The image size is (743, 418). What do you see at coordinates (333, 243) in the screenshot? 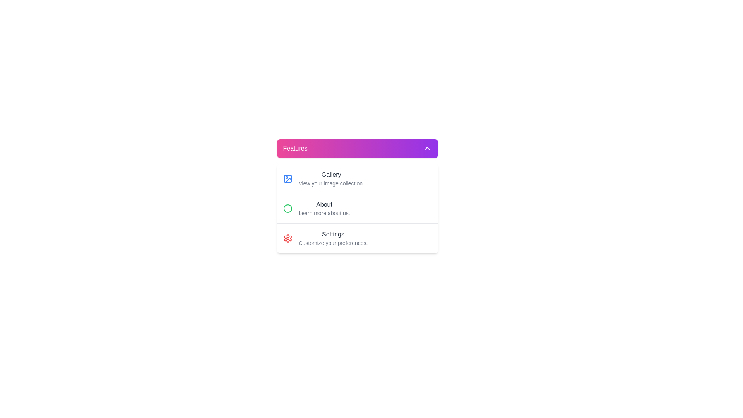
I see `text label that contains 'Customize your preferences.' located beneath the 'Settings' header in the 'Settings' section` at bounding box center [333, 243].